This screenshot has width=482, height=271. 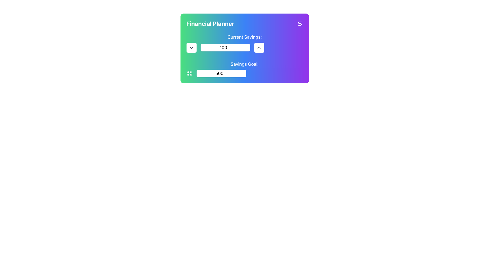 I want to click on the numeric input field associated with the 'Savings Goal:' label, so click(x=245, y=69).